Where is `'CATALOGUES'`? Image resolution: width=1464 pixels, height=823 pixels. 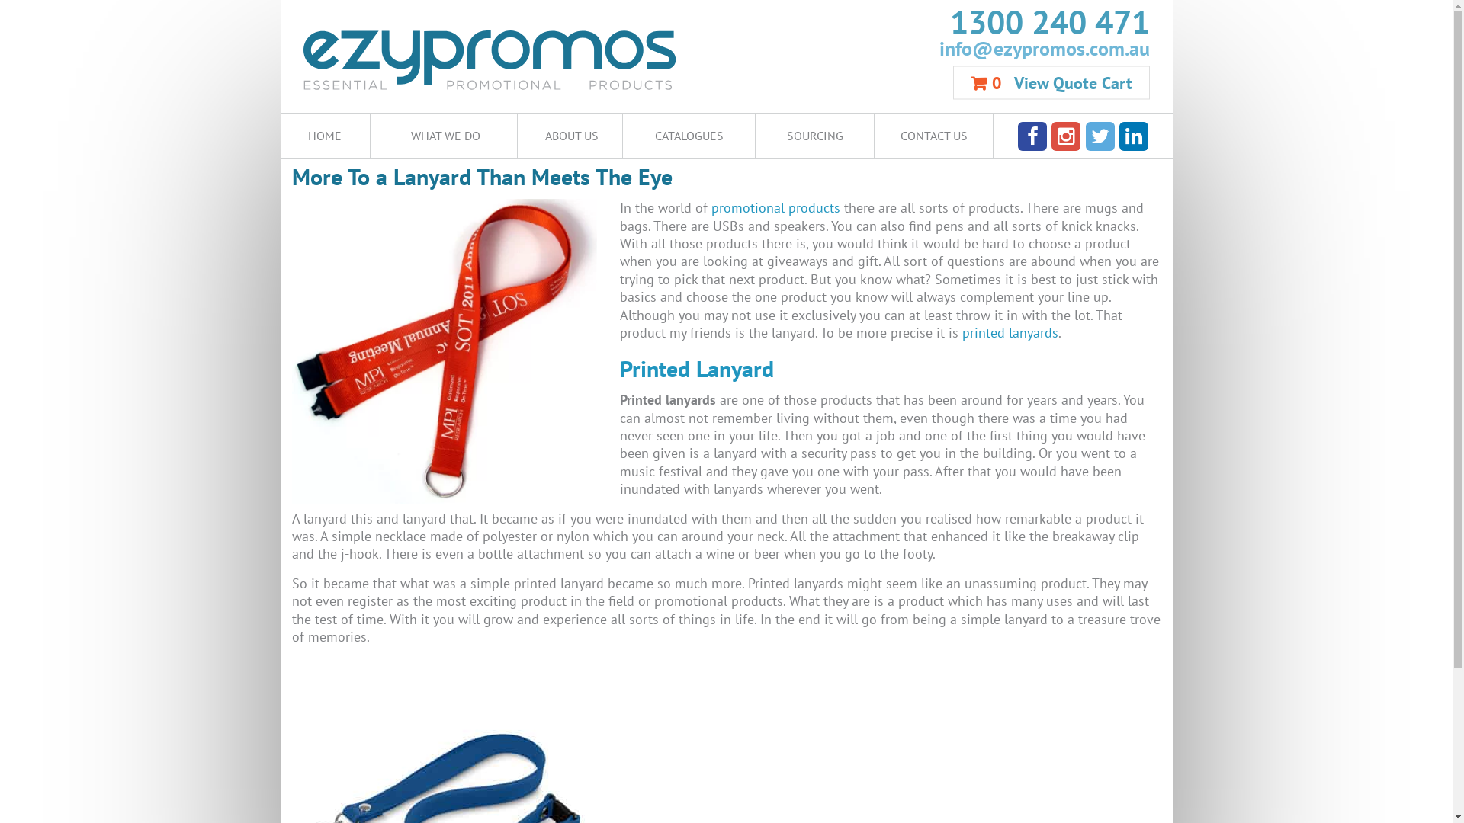
'CATALOGUES' is located at coordinates (622, 134).